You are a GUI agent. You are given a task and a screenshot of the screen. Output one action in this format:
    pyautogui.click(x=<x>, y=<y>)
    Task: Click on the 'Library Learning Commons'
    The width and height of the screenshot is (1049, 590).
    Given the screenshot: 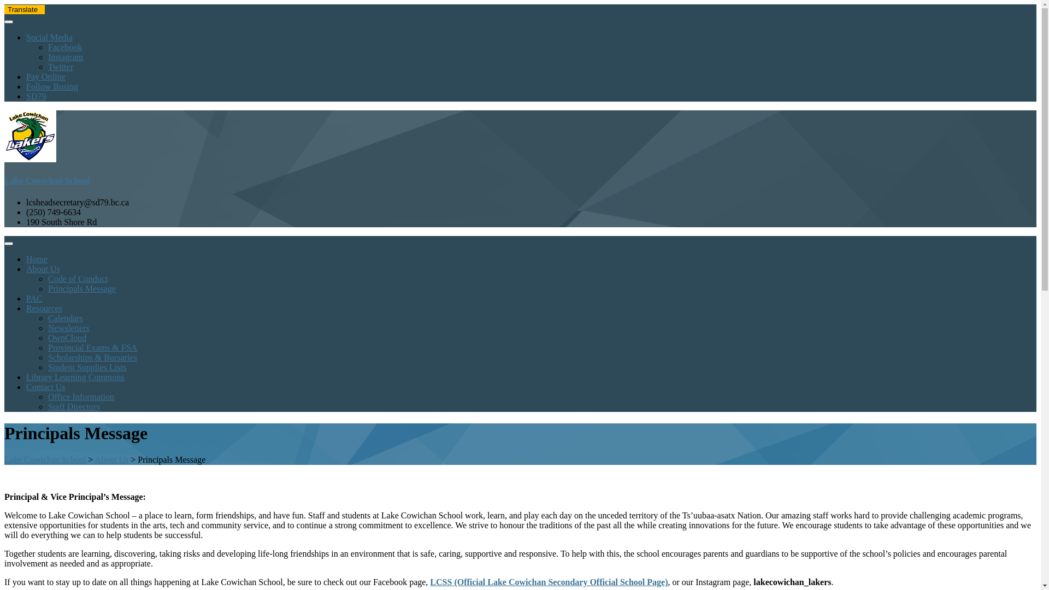 What is the action you would take?
    pyautogui.click(x=26, y=376)
    